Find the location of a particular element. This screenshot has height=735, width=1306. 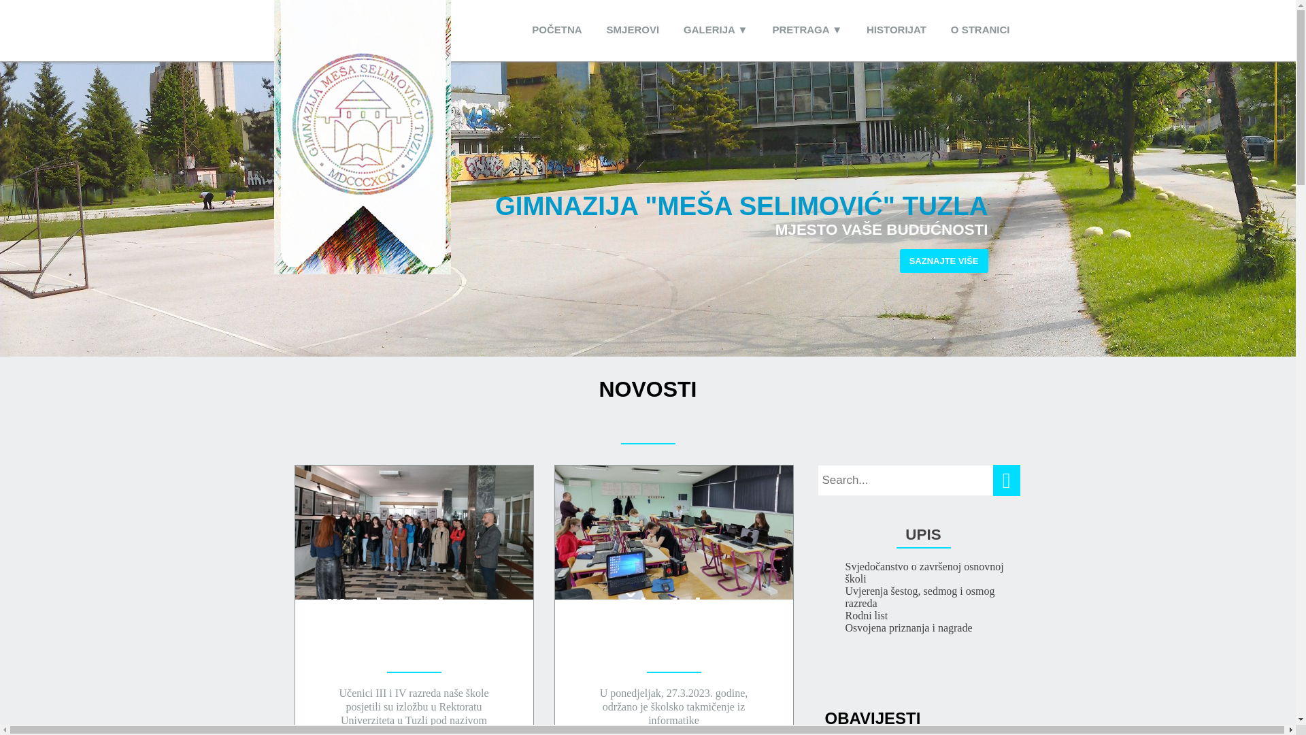

'O STRANICI' is located at coordinates (980, 29).